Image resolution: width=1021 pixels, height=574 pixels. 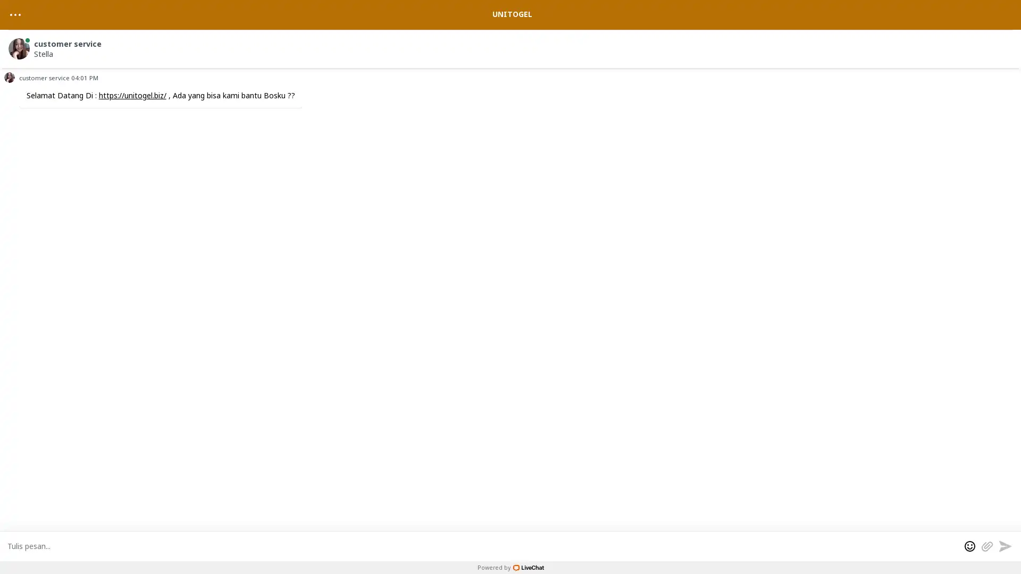 What do you see at coordinates (1005, 545) in the screenshot?
I see `Send a message` at bounding box center [1005, 545].